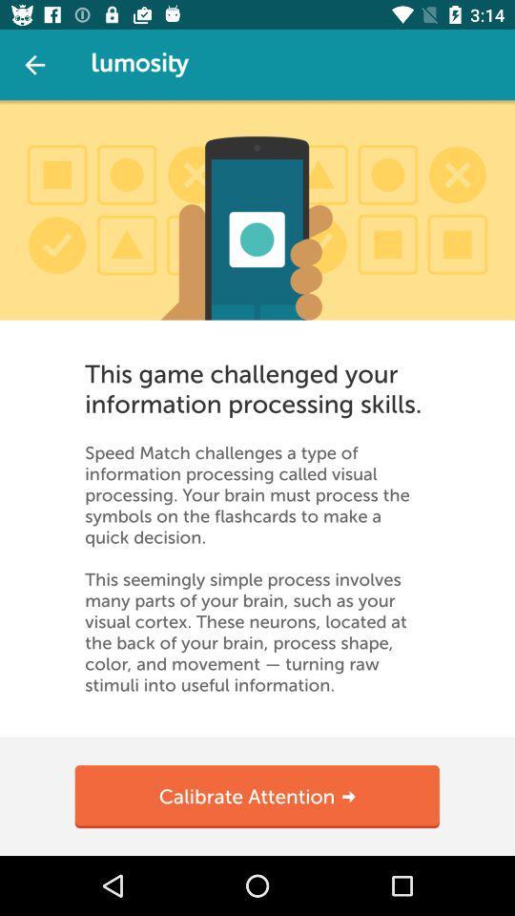 Image resolution: width=515 pixels, height=916 pixels. Describe the element at coordinates (34, 65) in the screenshot. I see `previous page` at that location.